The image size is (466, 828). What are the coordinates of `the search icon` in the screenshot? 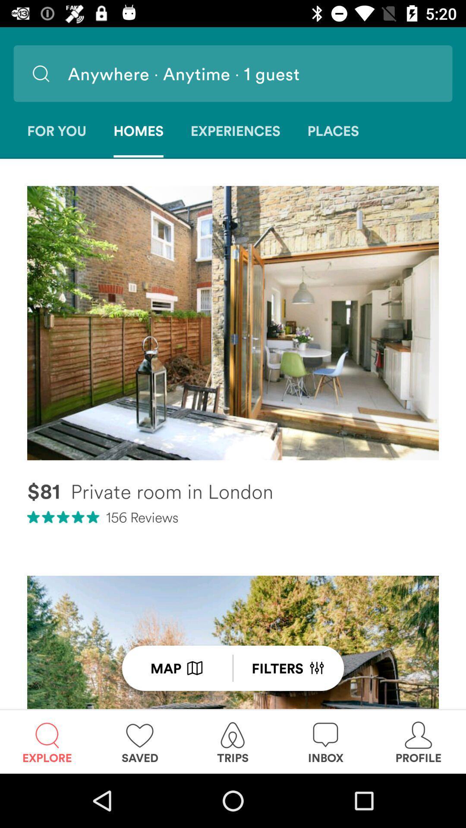 It's located at (41, 73).